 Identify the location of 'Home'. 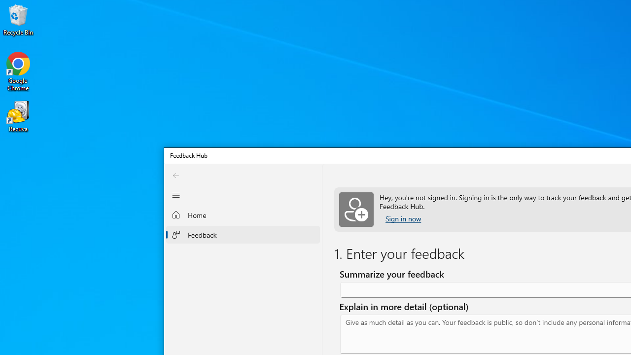
(243, 214).